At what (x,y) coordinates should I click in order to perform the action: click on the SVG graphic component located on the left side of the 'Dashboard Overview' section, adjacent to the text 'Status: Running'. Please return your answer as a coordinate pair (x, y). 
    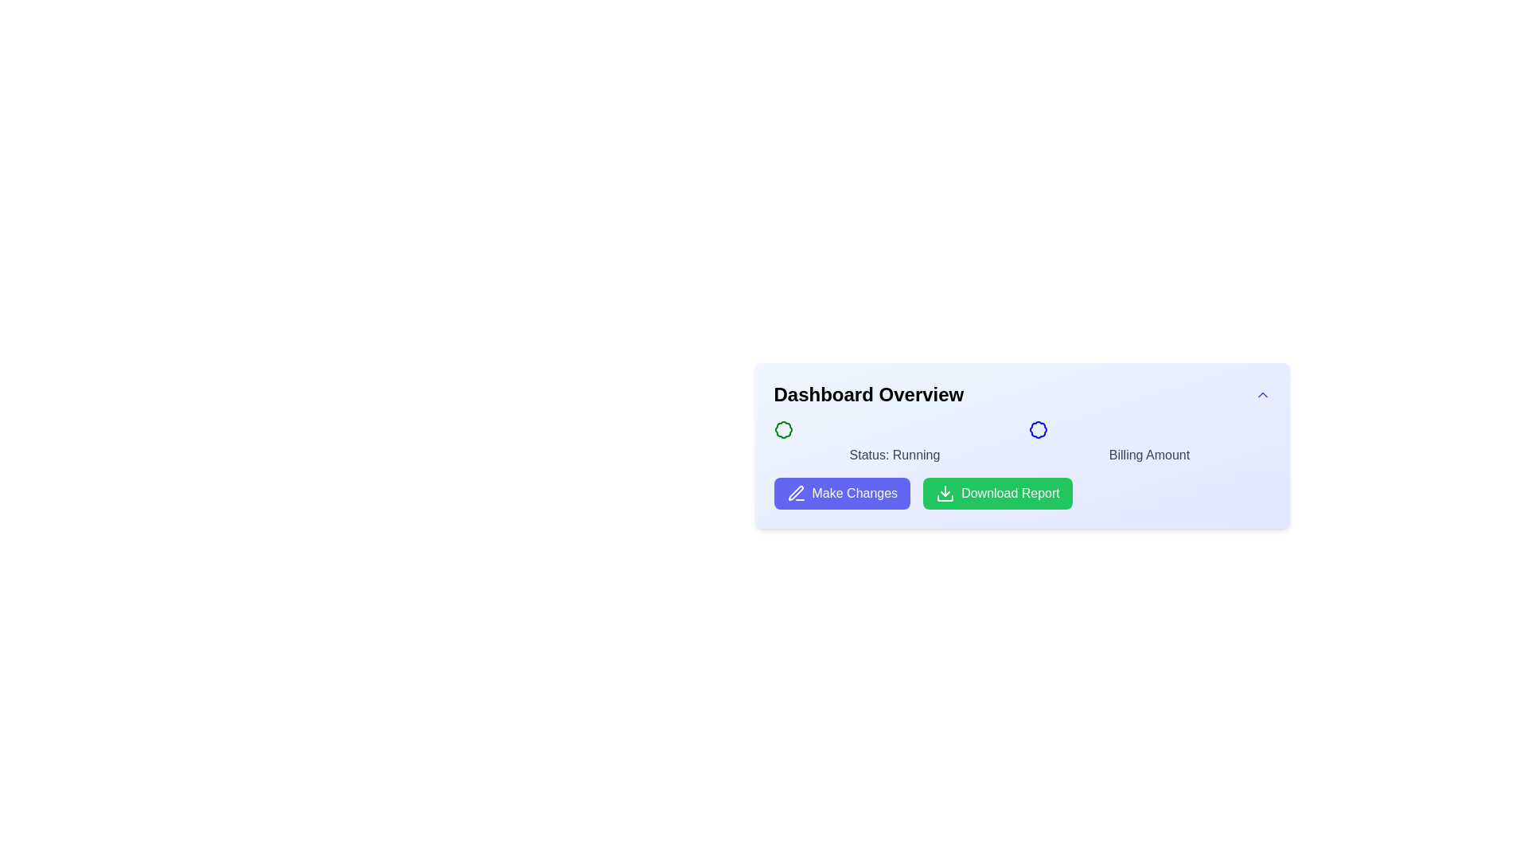
    Looking at the image, I should click on (783, 430).